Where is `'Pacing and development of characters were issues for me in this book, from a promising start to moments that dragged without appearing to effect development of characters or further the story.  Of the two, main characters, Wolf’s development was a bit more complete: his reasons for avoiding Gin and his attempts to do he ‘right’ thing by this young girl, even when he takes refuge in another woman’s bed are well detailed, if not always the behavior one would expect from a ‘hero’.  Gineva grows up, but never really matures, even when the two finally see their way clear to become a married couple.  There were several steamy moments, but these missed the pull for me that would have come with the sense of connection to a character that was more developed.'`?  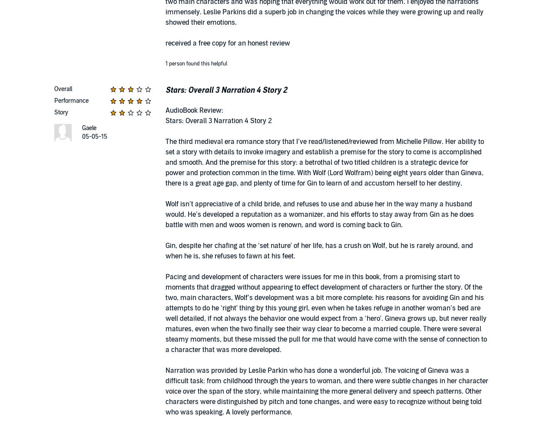 'Pacing and development of characters were issues for me in this book, from a promising start to moments that dragged without appearing to effect development of characters or further the story.  Of the two, main characters, Wolf’s development was a bit more complete: his reasons for avoiding Gin and his attempts to do he ‘right’ thing by this young girl, even when he takes refuge in another woman’s bed are well detailed, if not always the behavior one would expect from a ‘hero’.  Gineva grows up, but never really matures, even when the two finally see their way clear to become a married couple.  There were several steamy moments, but these missed the pull for me that would have come with the sense of connection to a character that was more developed.' is located at coordinates (166, 313).